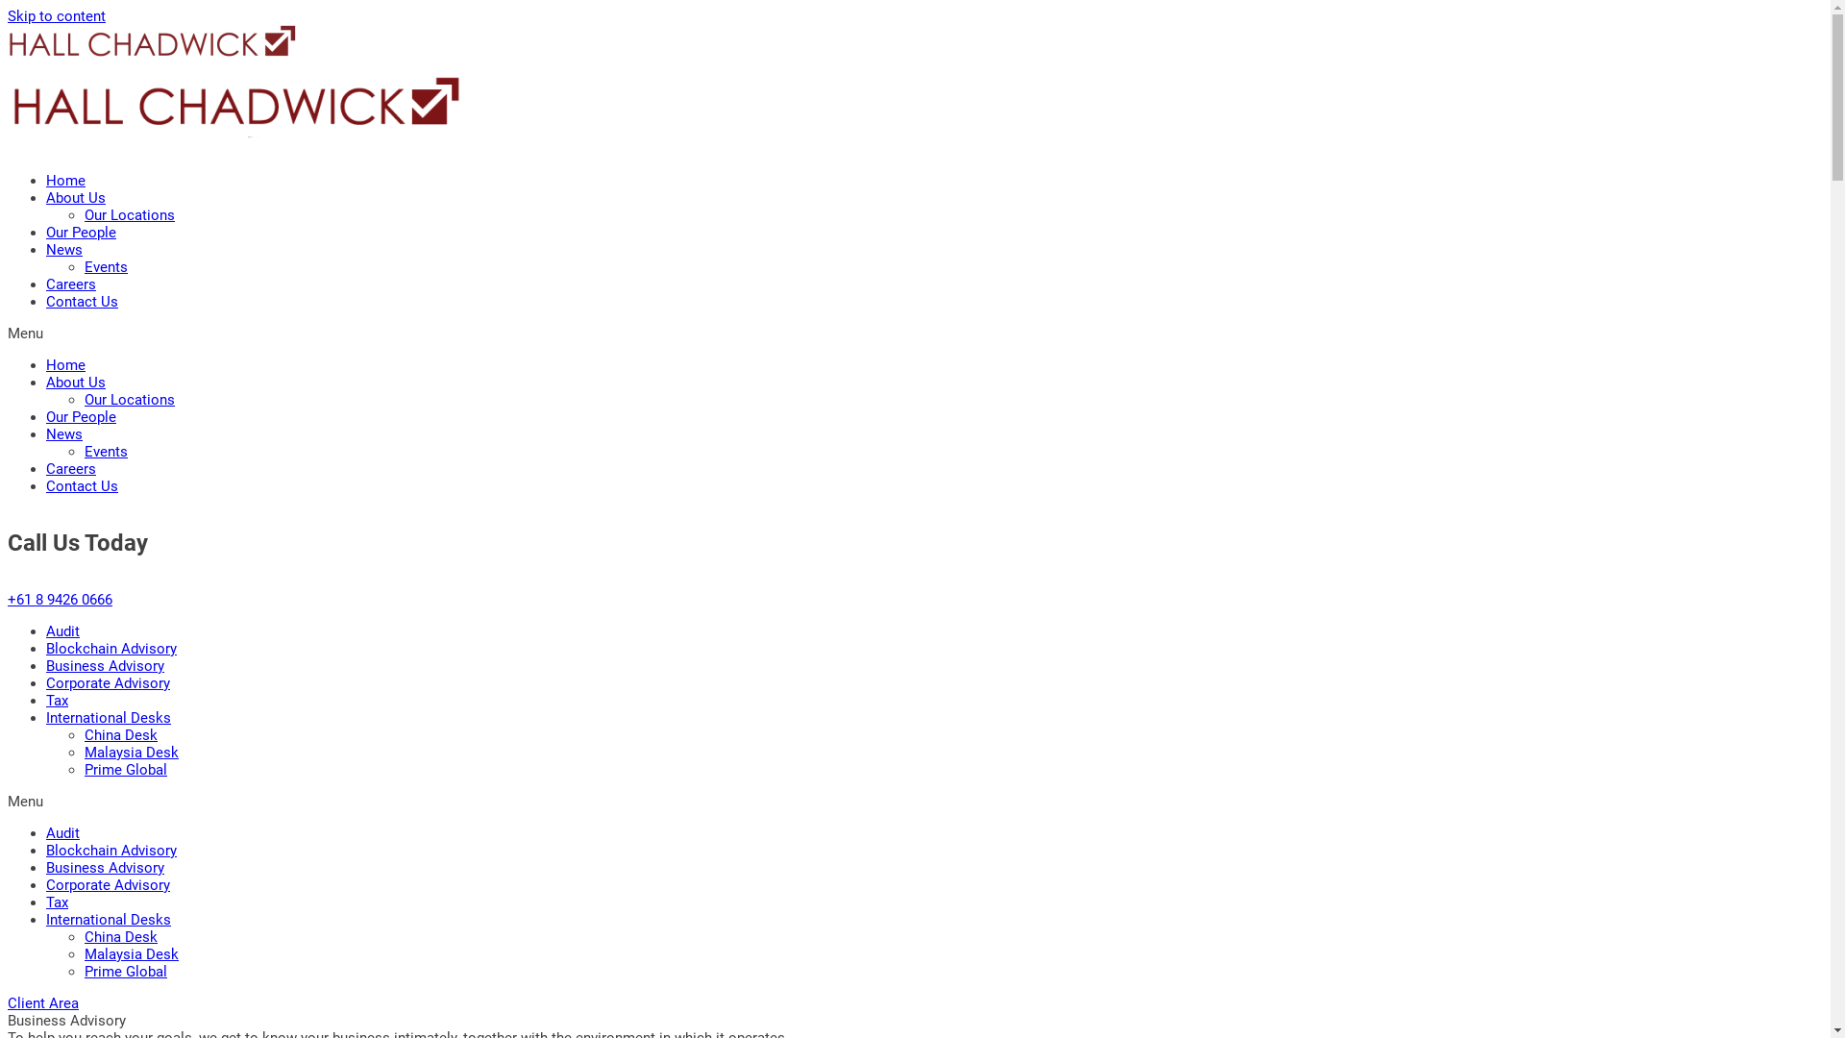  What do you see at coordinates (110, 649) in the screenshot?
I see `'Blockchain Advisory'` at bounding box center [110, 649].